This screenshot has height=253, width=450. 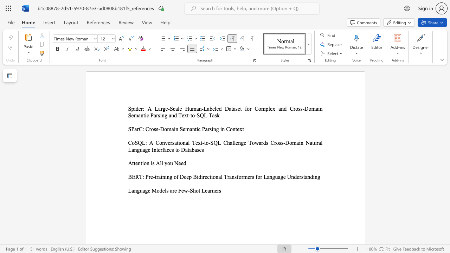 What do you see at coordinates (182, 142) in the screenshot?
I see `the subset text "nal Text-to-SQL Challenge Towards Cross-Domain Na" within the text "CoSQL: A Conversational Text-to-SQL Challenge Towards Cross-Domain Natural Language Interfaces to Databases"` at bounding box center [182, 142].